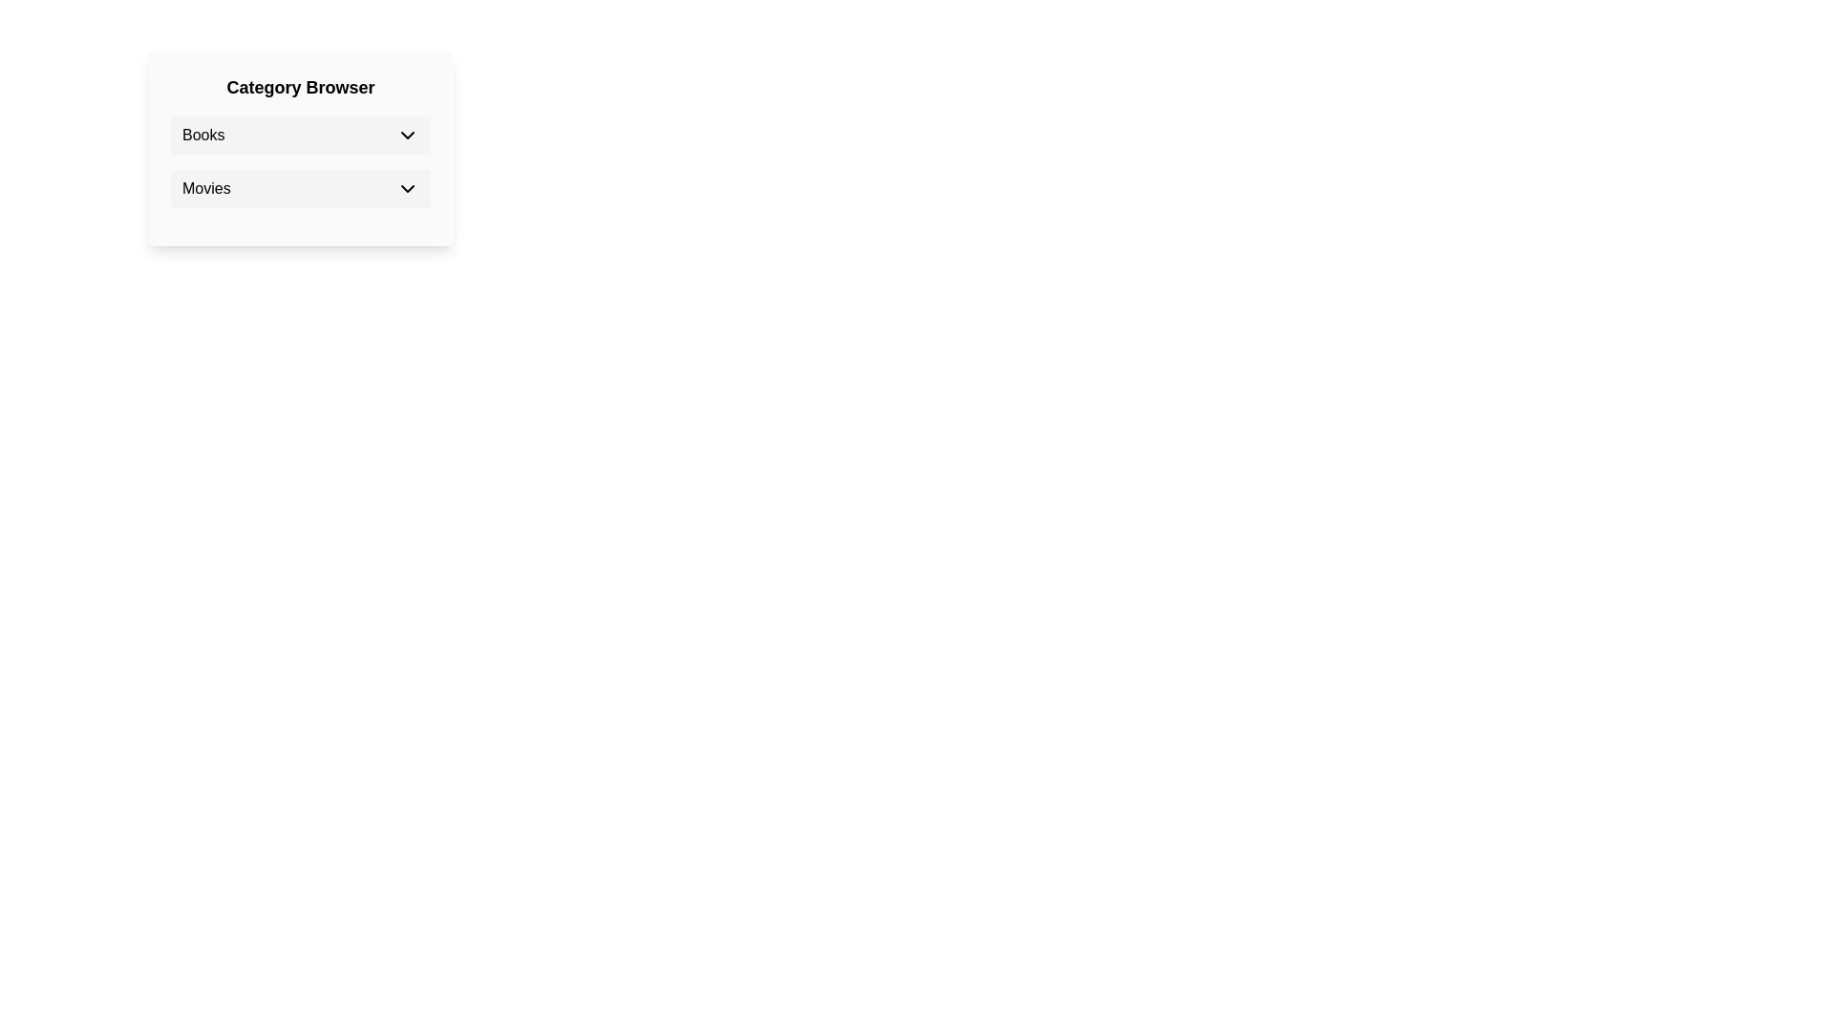 The height and width of the screenshot is (1031, 1834). What do you see at coordinates (300, 147) in the screenshot?
I see `the 'Category Browser' composite widget element for accessibility purposes by moving the cursor to its center` at bounding box center [300, 147].